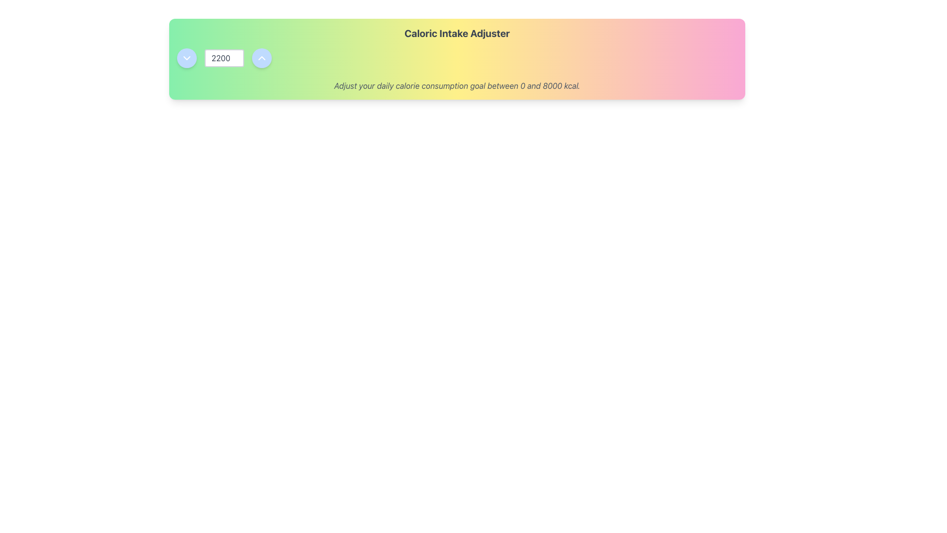 The height and width of the screenshot is (533, 947). What do you see at coordinates (456, 85) in the screenshot?
I see `the informative text that guides the user on setting their daily calorie consumption goal, located below the title 'Caloric Intake Adjuster'` at bounding box center [456, 85].